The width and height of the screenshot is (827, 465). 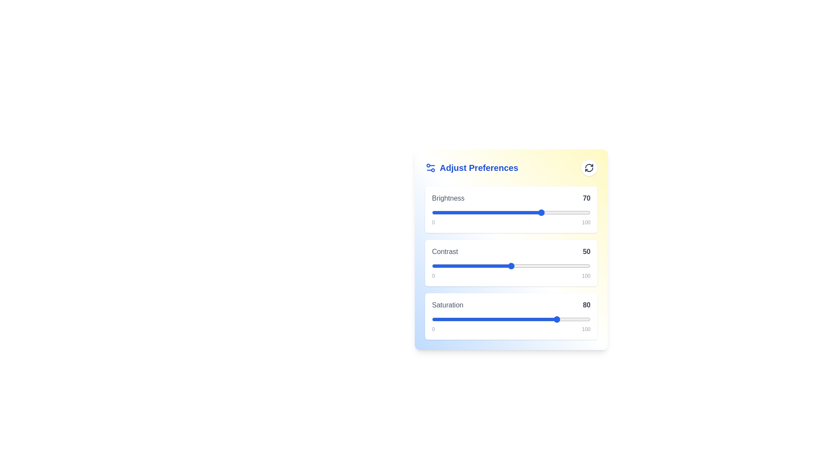 I want to click on saturation level, so click(x=458, y=319).